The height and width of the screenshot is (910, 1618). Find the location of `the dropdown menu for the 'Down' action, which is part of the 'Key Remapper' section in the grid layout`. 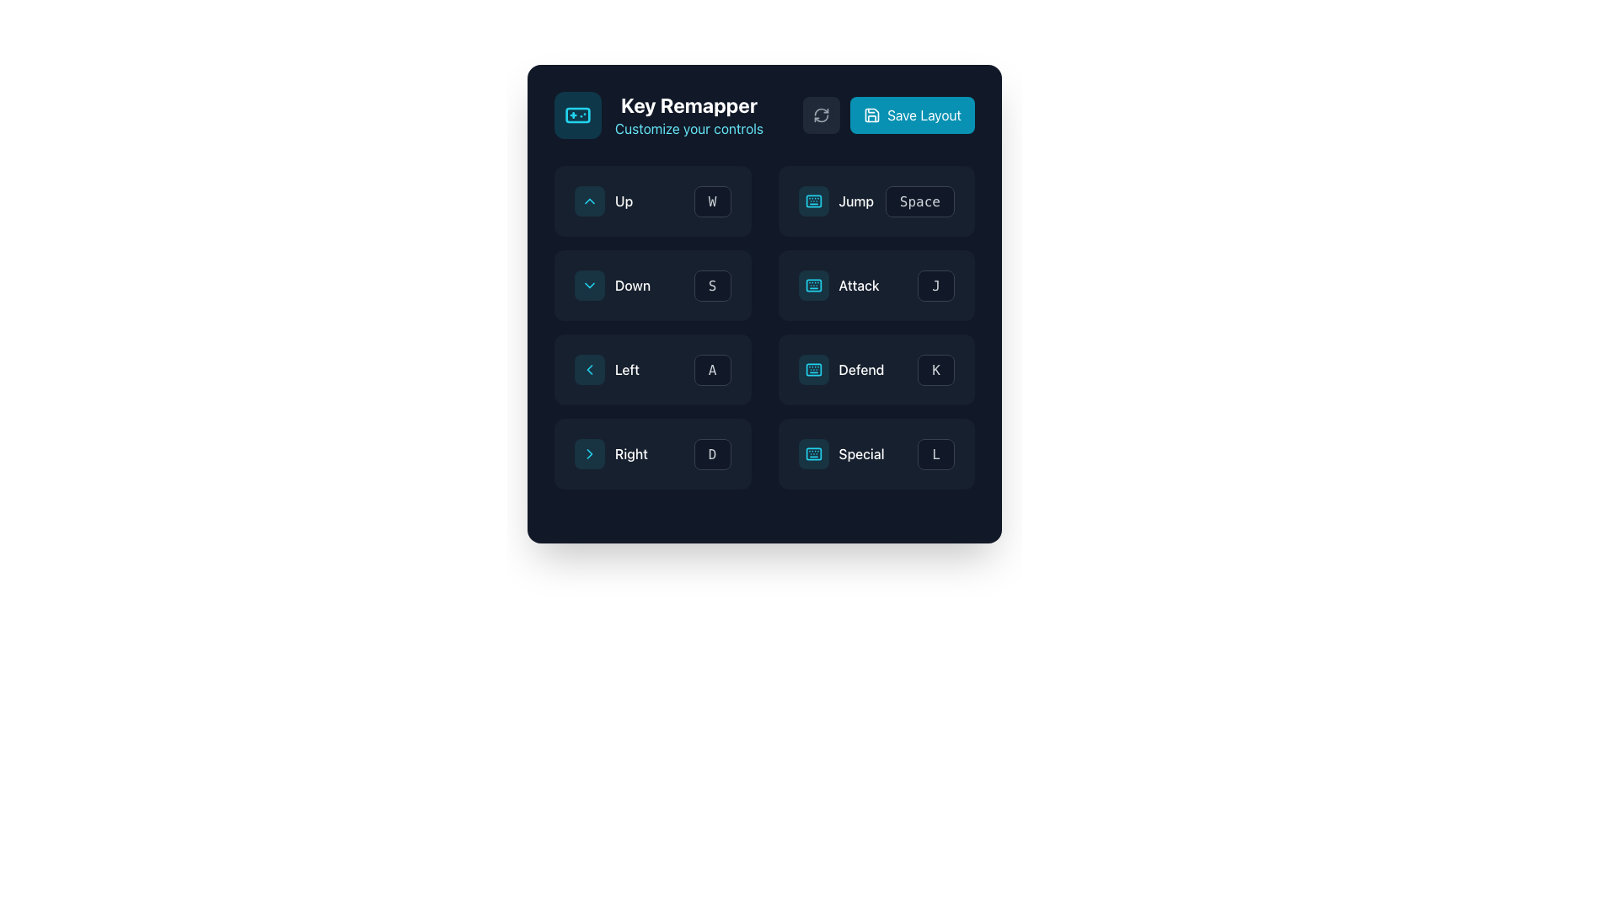

the dropdown menu for the 'Down' action, which is part of the 'Key Remapper' section in the grid layout is located at coordinates (651, 285).